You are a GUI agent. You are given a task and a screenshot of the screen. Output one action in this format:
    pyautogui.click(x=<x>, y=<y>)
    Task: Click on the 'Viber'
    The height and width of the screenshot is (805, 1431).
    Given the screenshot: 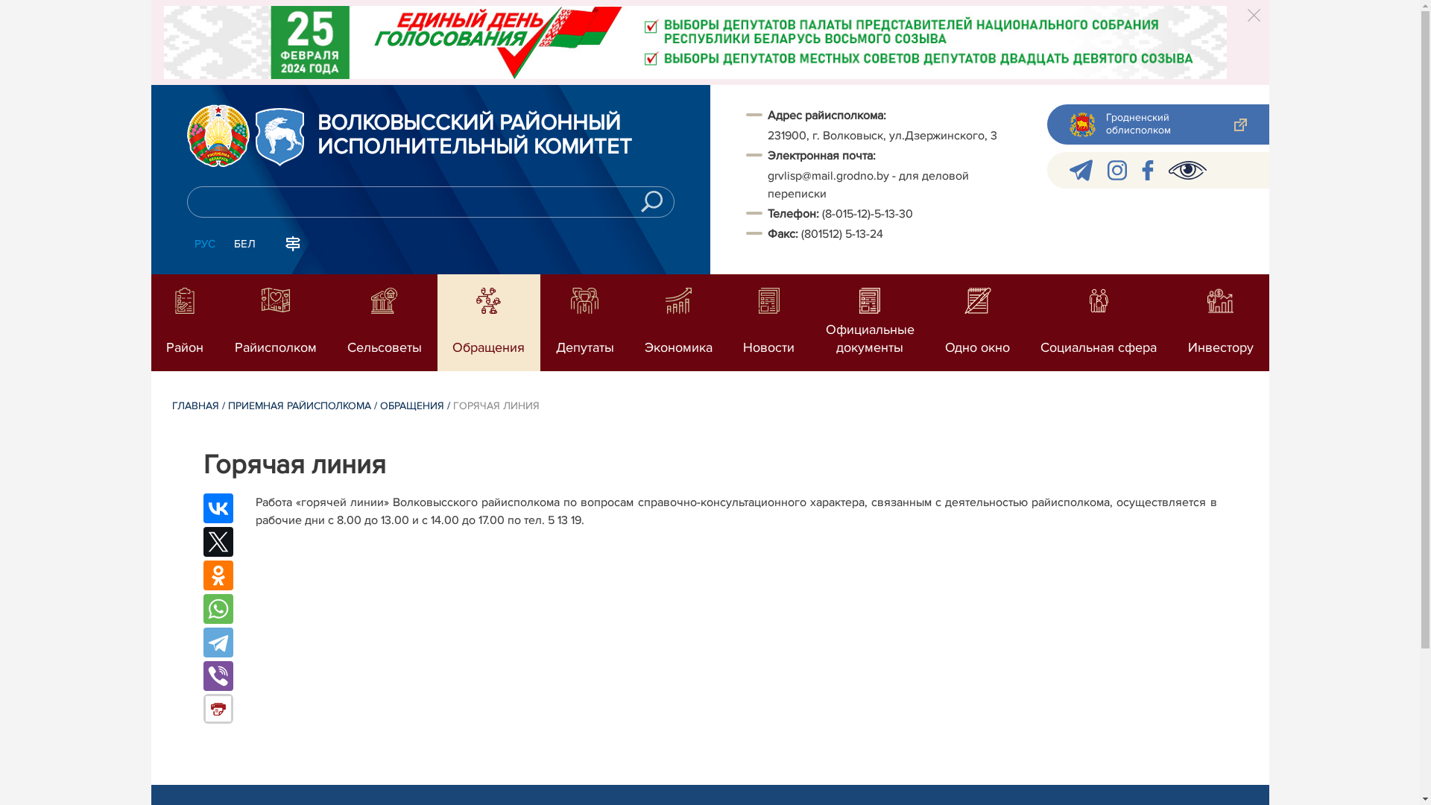 What is the action you would take?
    pyautogui.click(x=217, y=675)
    